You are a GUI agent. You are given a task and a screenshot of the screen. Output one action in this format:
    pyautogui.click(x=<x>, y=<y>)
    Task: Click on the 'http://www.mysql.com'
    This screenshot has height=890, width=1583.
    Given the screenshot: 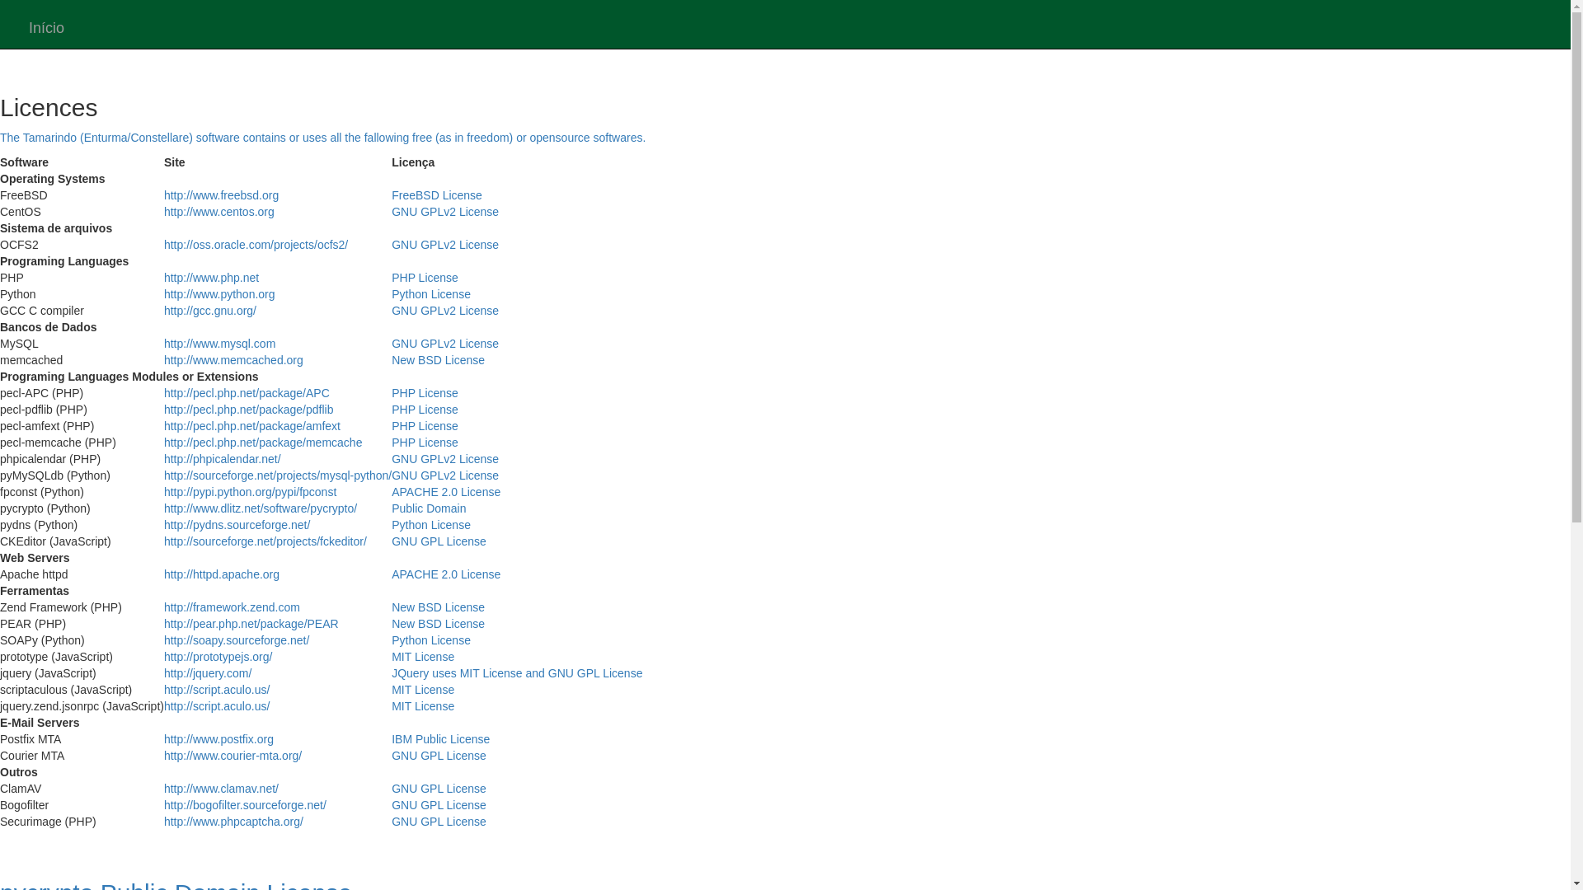 What is the action you would take?
    pyautogui.click(x=218, y=342)
    